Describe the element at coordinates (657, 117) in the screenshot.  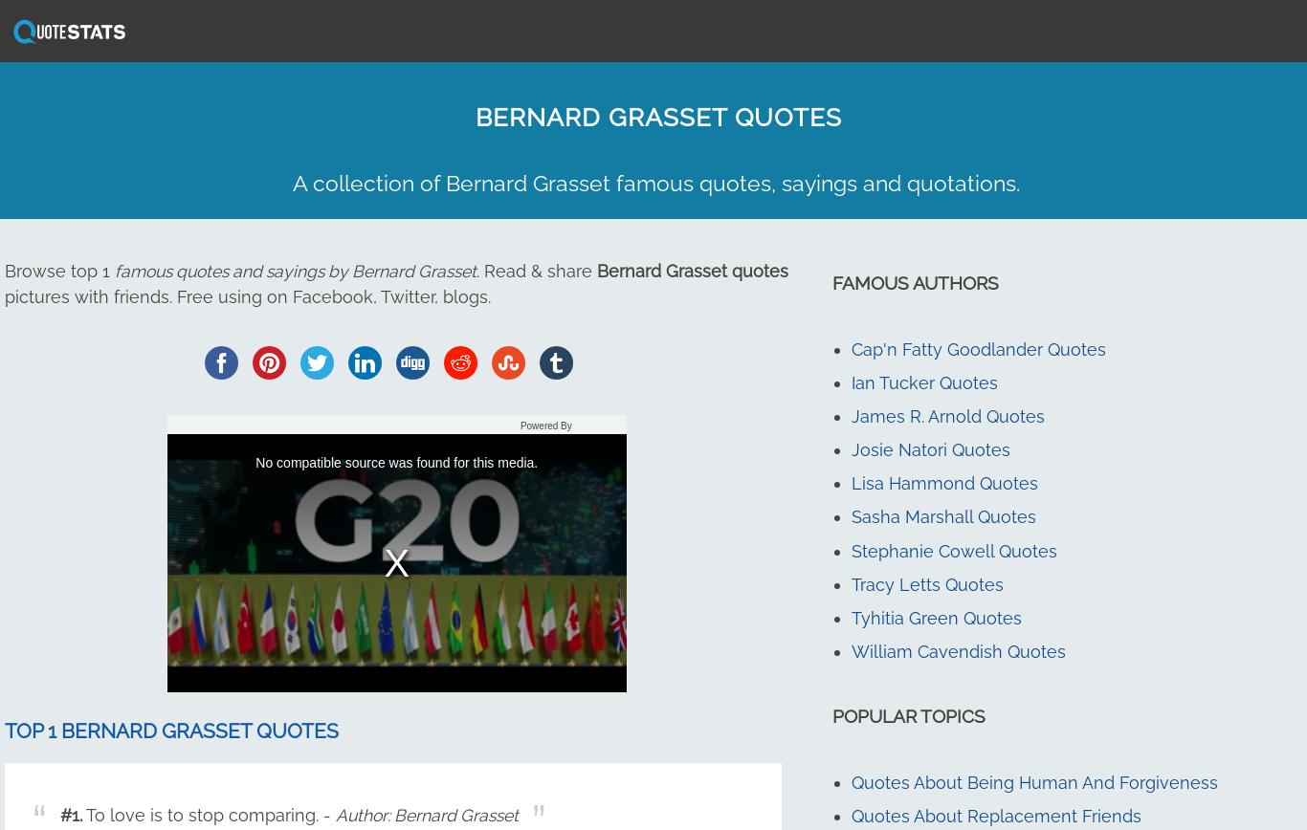
I see `'Bernard Grasset Quotes'` at that location.